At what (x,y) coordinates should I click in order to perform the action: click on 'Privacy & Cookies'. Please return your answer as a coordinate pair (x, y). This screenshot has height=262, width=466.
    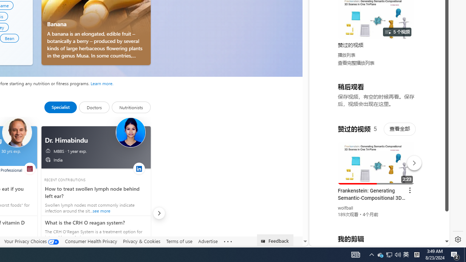
    Looking at the image, I should click on (142, 241).